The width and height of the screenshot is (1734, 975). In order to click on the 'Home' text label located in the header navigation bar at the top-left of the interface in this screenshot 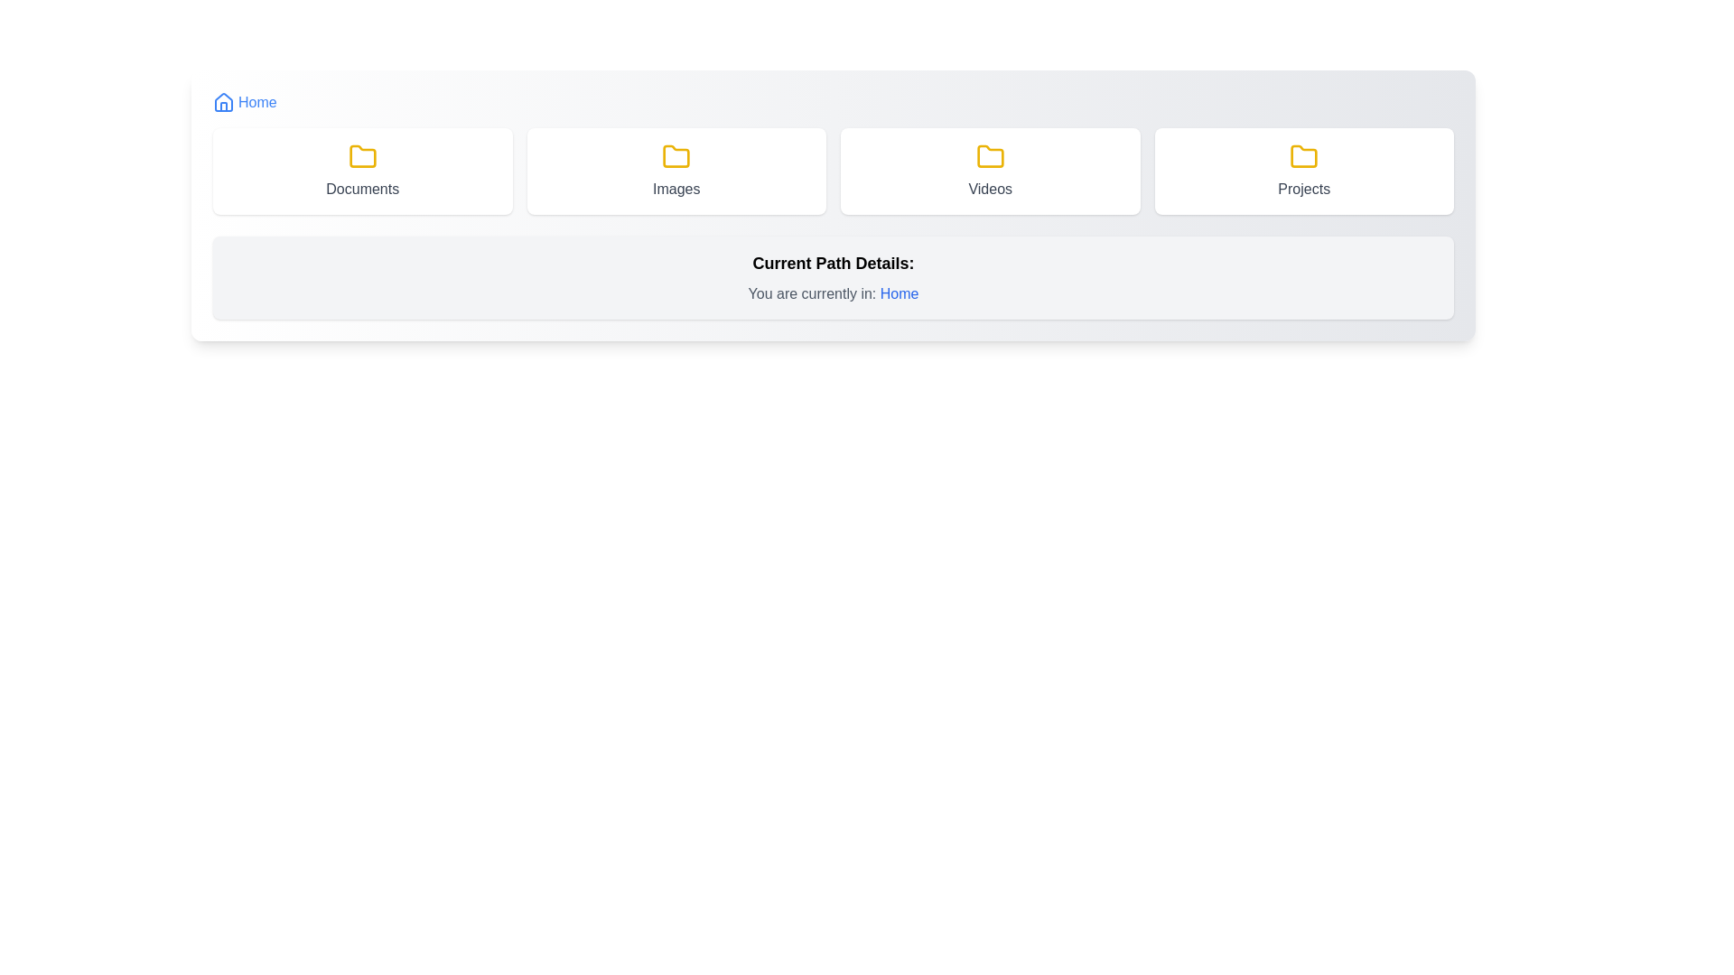, I will do `click(256, 103)`.